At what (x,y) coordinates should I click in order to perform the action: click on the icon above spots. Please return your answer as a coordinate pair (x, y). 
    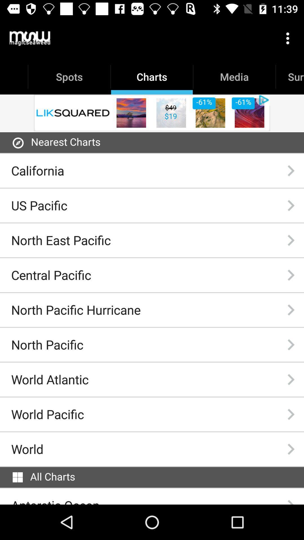
    Looking at the image, I should click on (30, 38).